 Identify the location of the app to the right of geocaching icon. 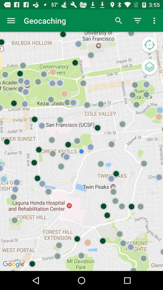
(119, 21).